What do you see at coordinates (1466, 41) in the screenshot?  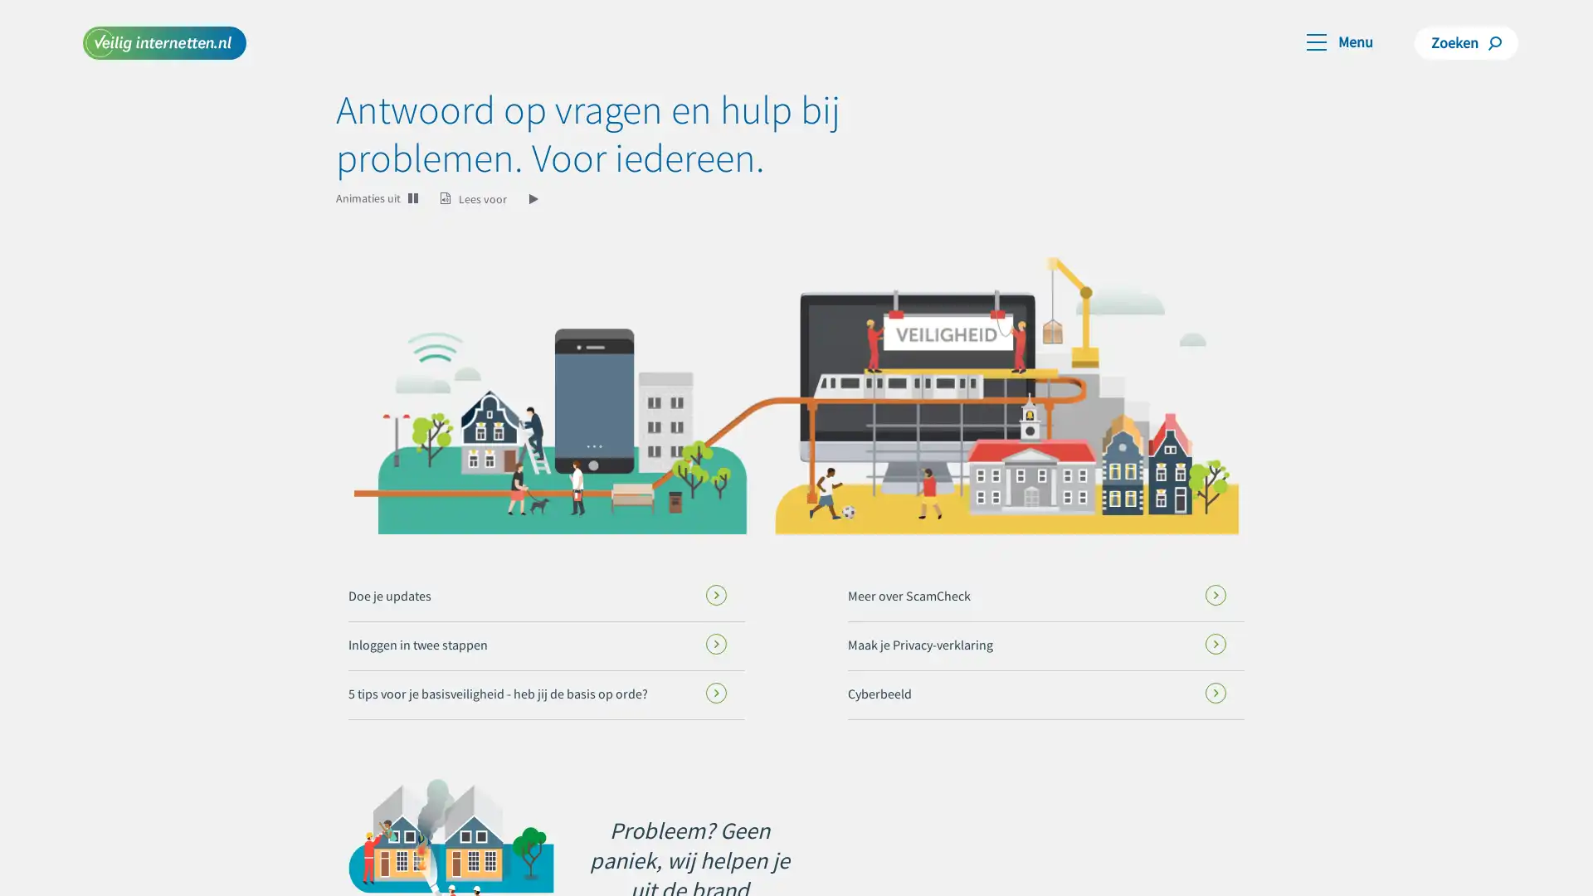 I see `Zoeken Zoeken` at bounding box center [1466, 41].